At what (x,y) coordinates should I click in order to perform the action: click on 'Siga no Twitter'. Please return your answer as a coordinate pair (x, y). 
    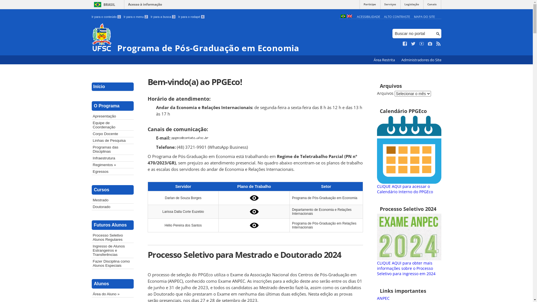
    Looking at the image, I should click on (413, 44).